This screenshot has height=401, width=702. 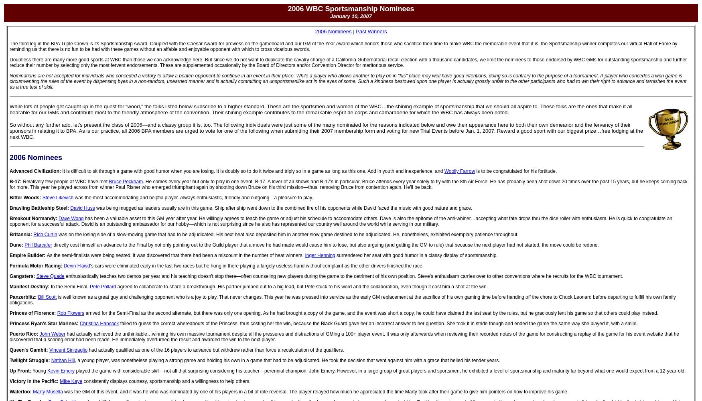 What do you see at coordinates (65, 181) in the screenshot?
I see `'Relatively few people at WBC have met'` at bounding box center [65, 181].